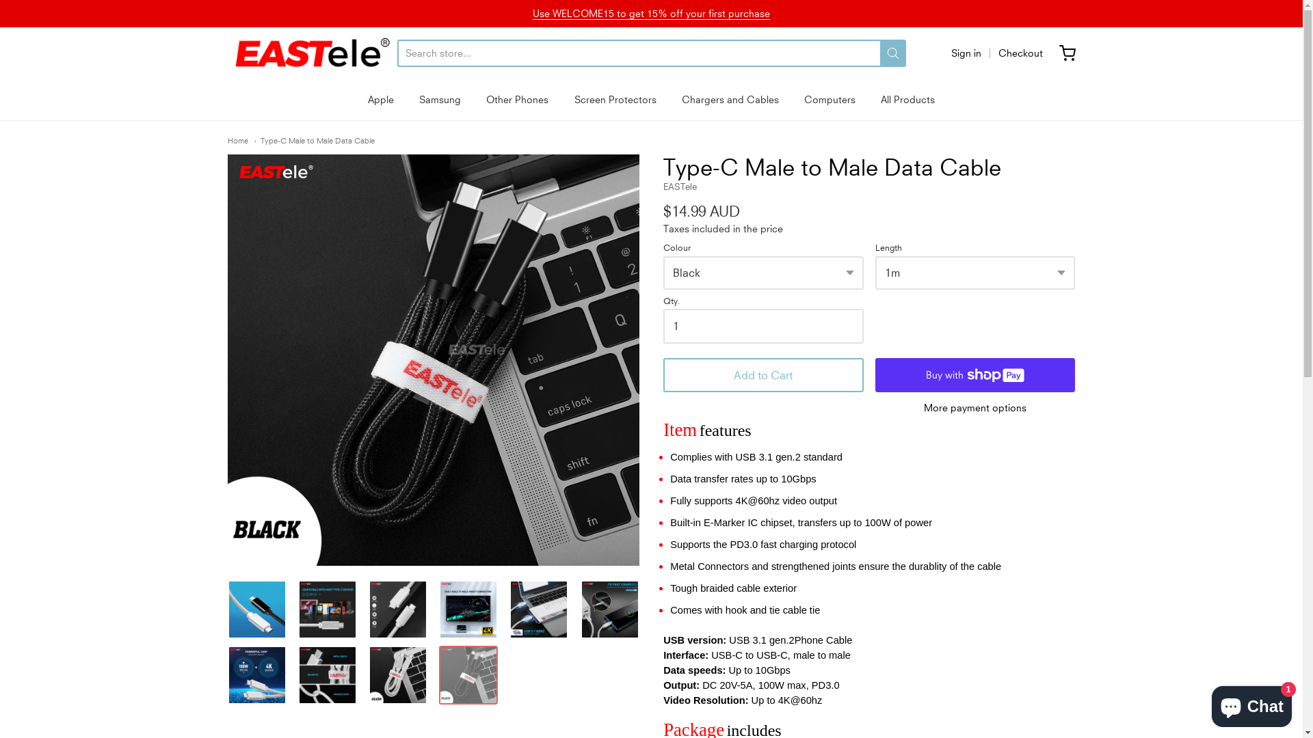 The width and height of the screenshot is (1313, 738). Describe the element at coordinates (615, 99) in the screenshot. I see `'Screen Protectors'` at that location.